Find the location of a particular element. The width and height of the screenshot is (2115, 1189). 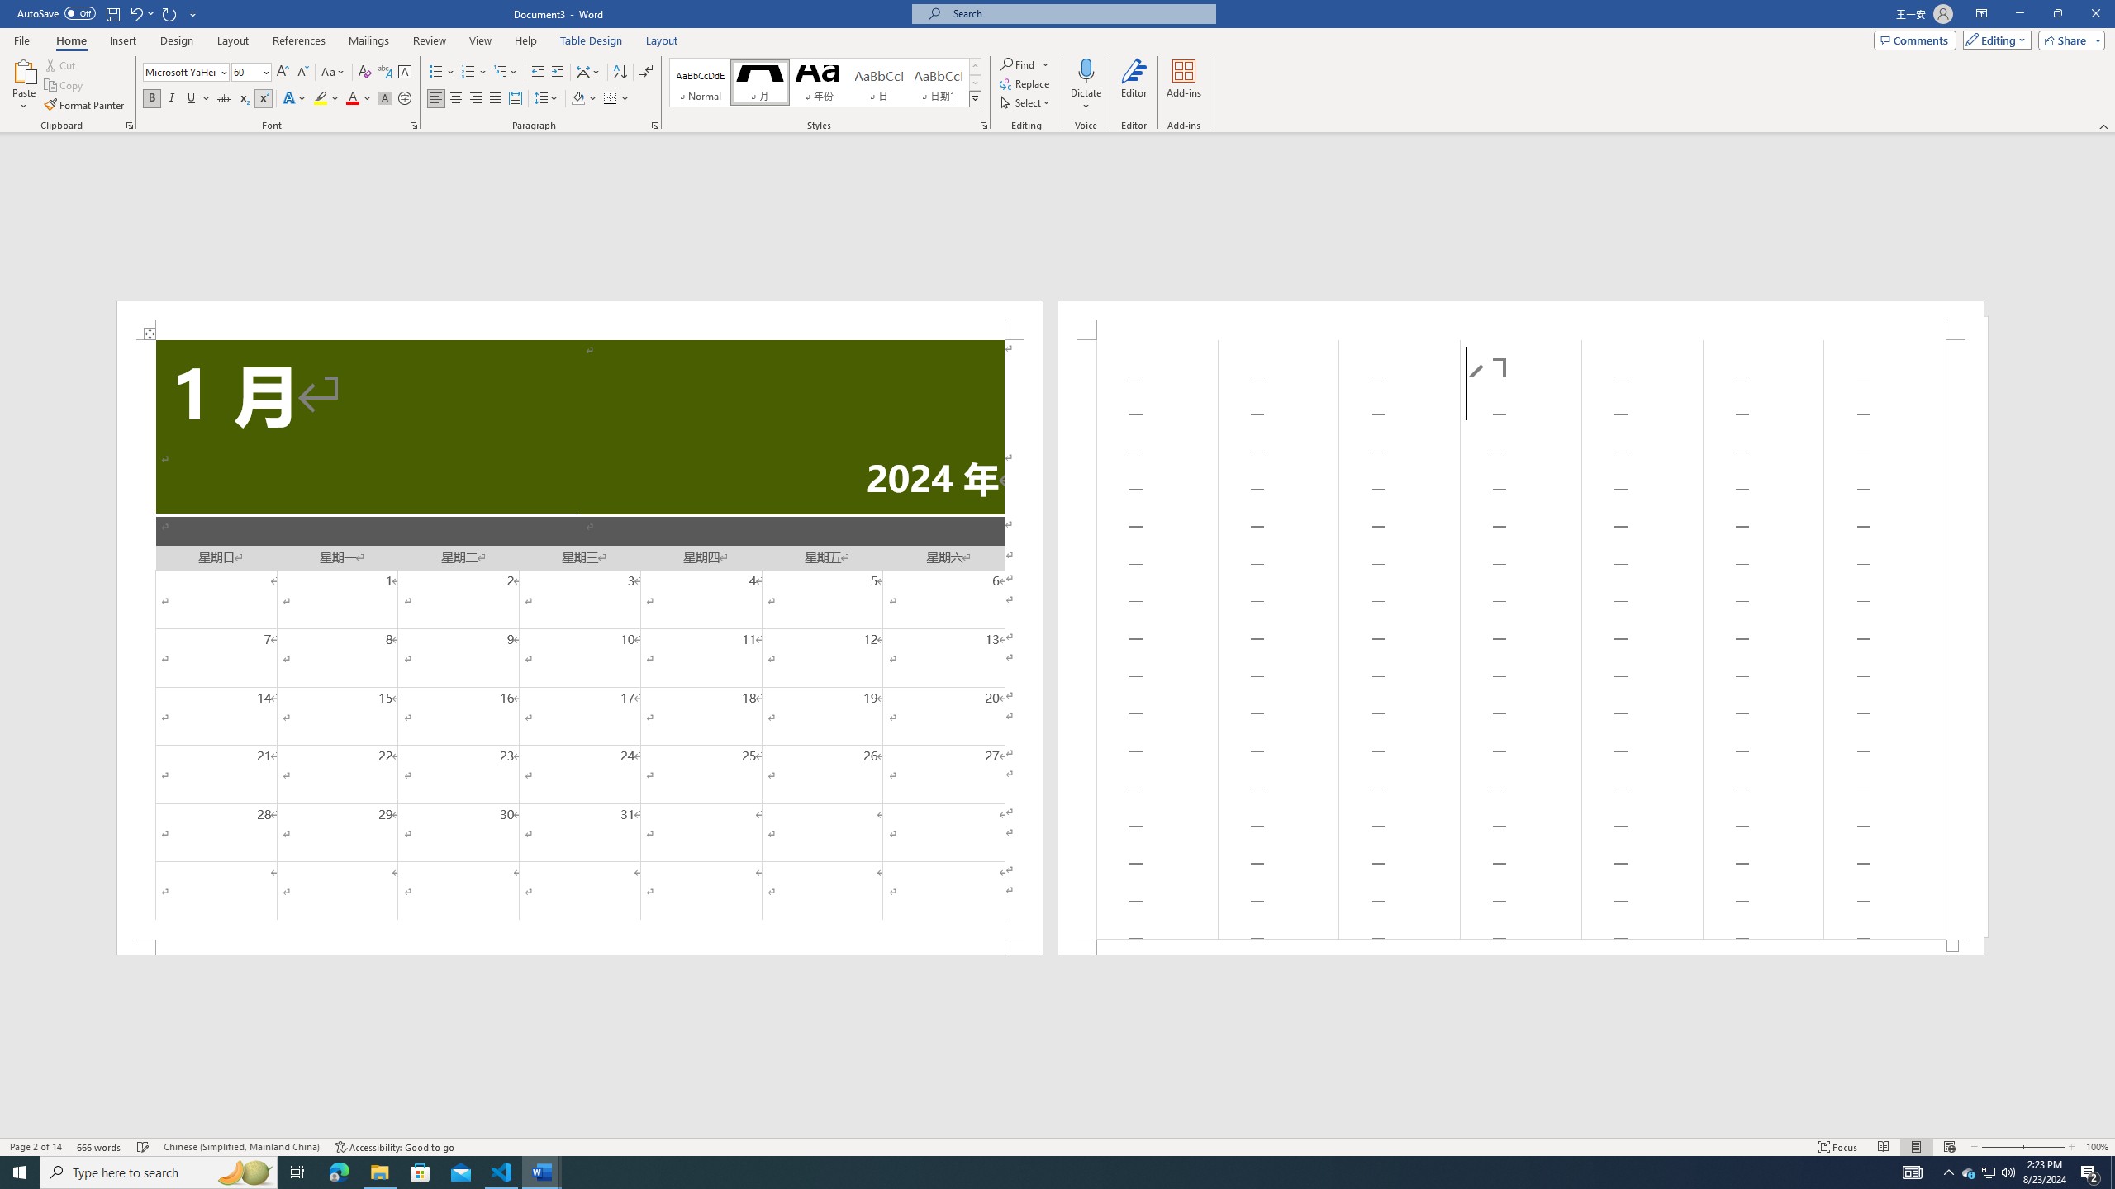

'Font Size' is located at coordinates (245, 72).